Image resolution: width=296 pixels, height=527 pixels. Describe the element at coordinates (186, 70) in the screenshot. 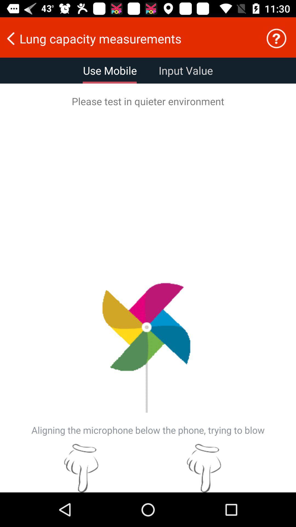

I see `the item to the right of use mobile icon` at that location.